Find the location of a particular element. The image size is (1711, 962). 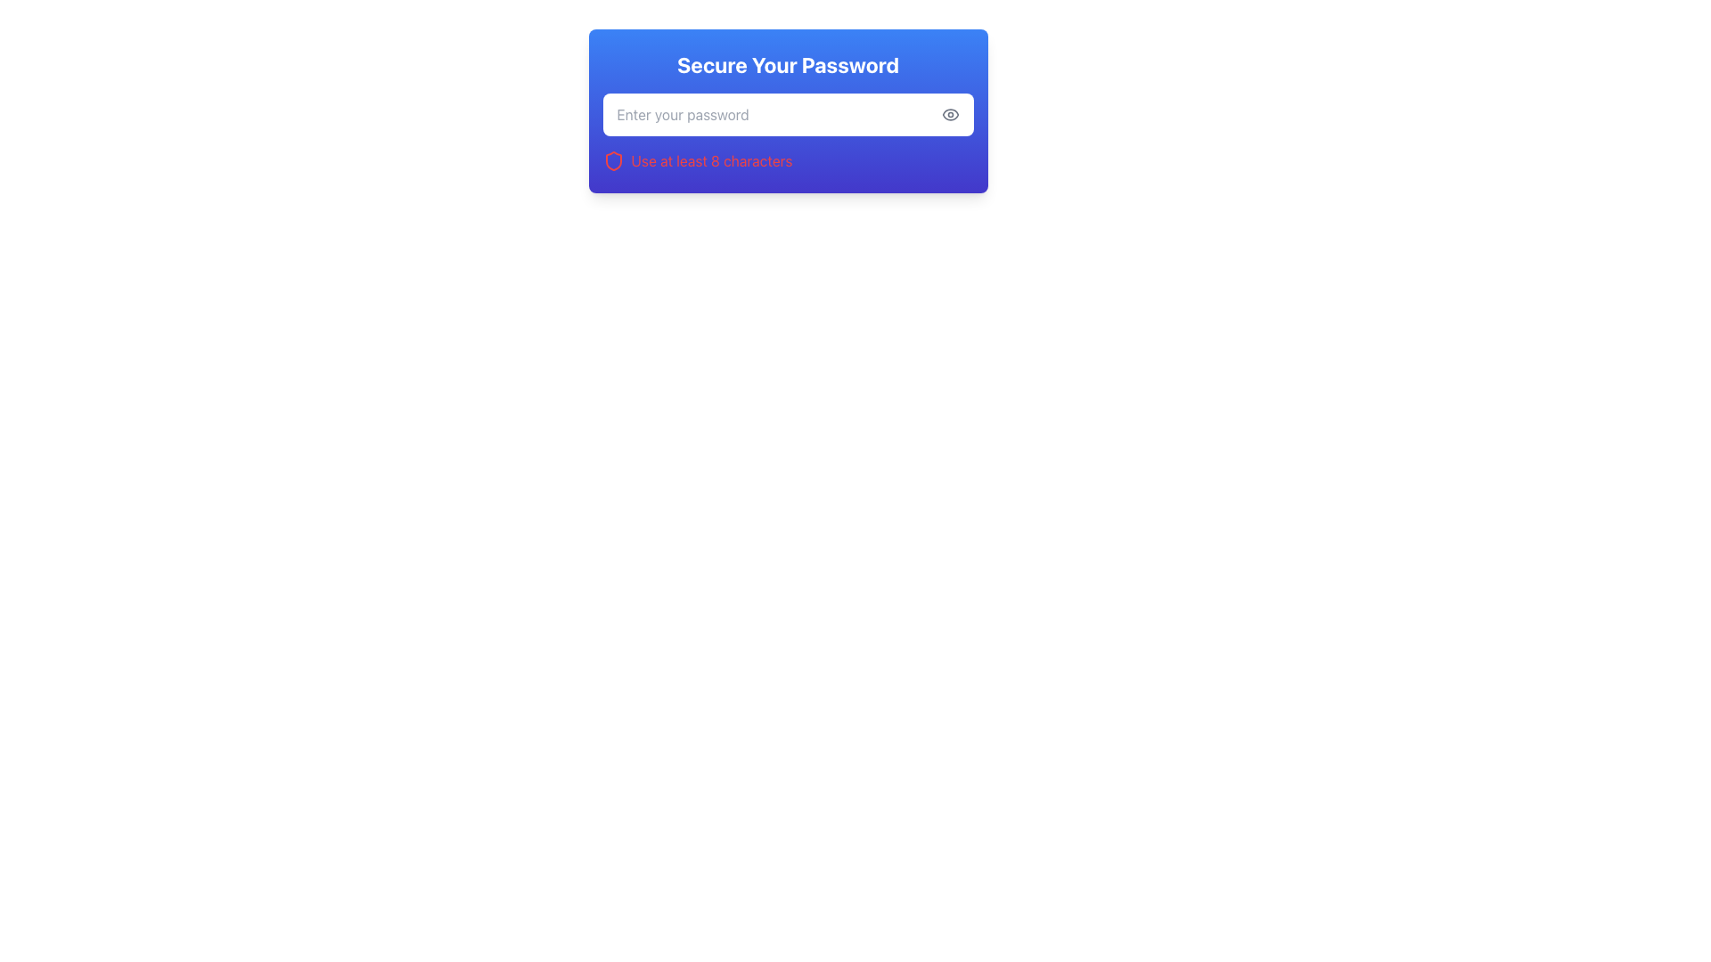

the shield icon that indicates password guidelines, located below the password input box and aligned with the text stating the password condition is located at coordinates (613, 161).